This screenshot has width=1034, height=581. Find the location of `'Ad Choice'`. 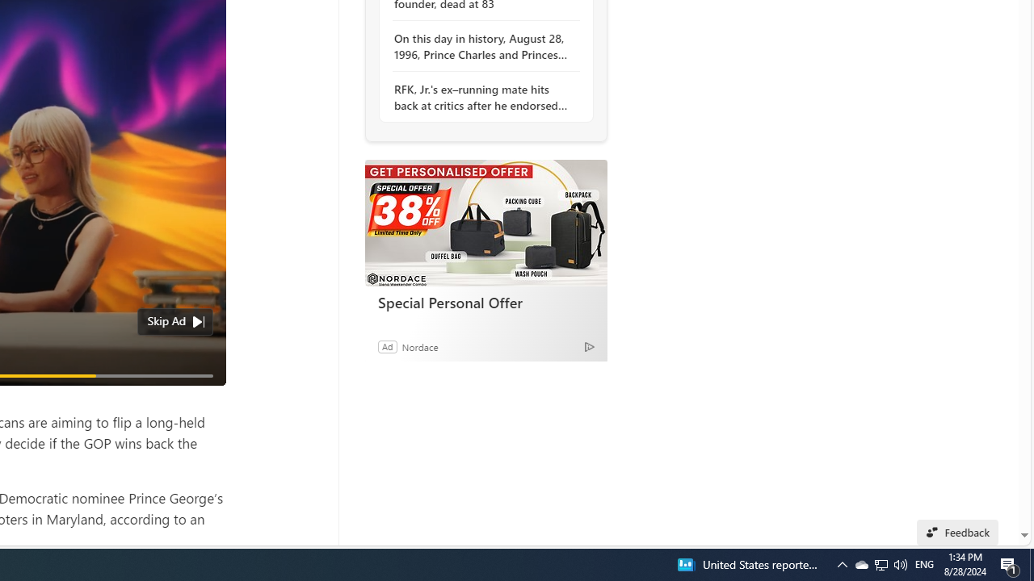

'Ad Choice' is located at coordinates (588, 345).